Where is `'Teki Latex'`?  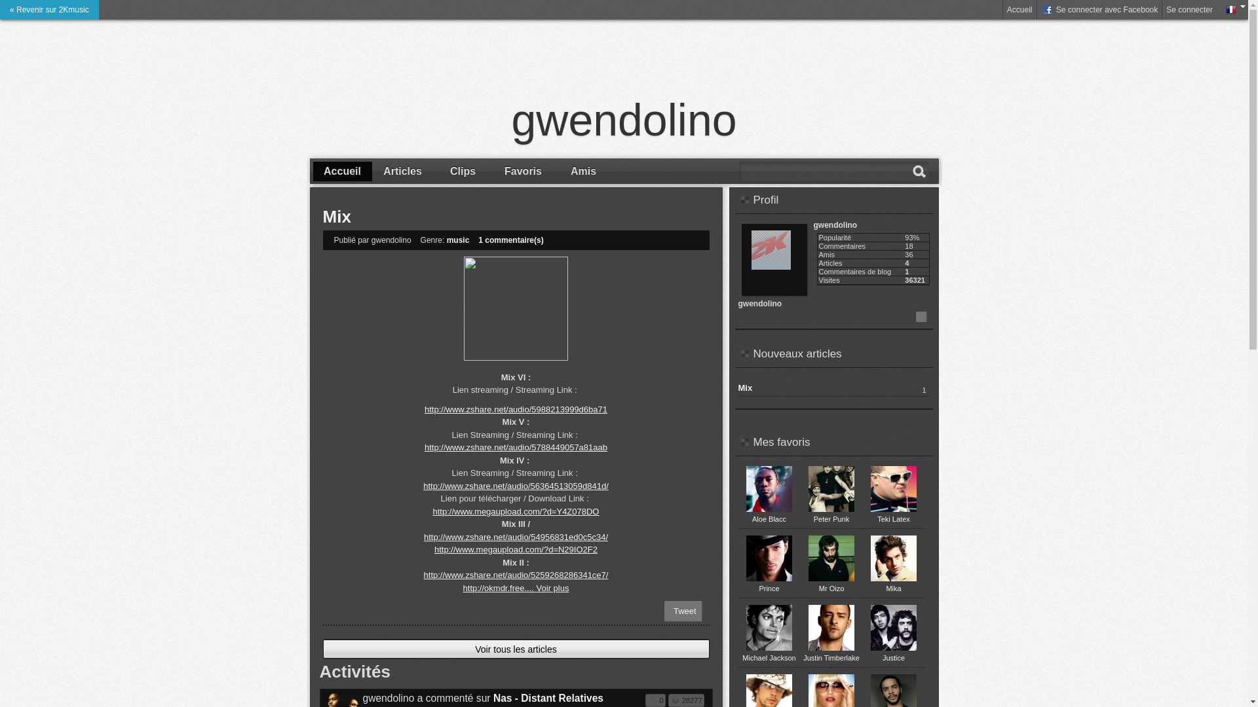 'Teki Latex' is located at coordinates (892, 518).